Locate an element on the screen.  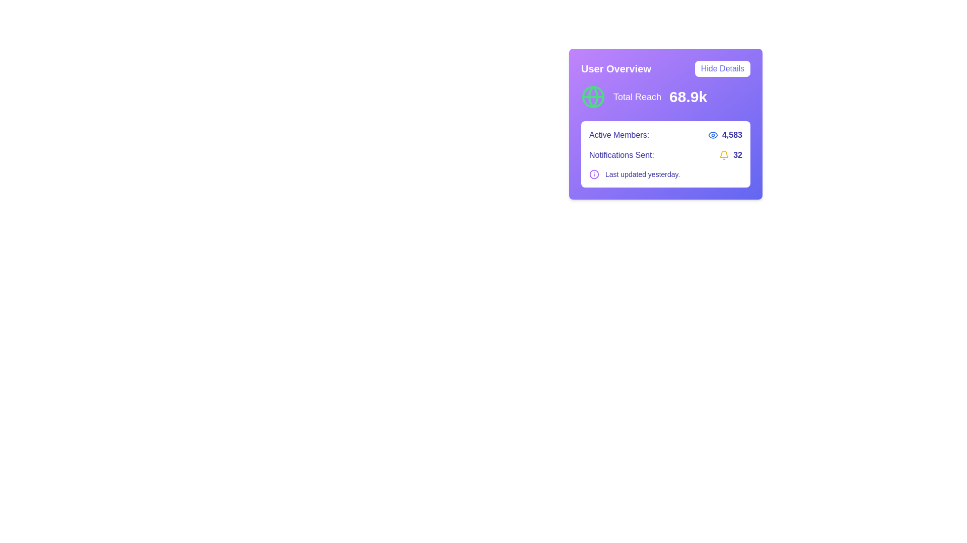
the Text Label element that serves as the heading for the widget, located in the upper-left section of the purple widget, to the left of the 'Hide Details' button is located at coordinates (615, 68).